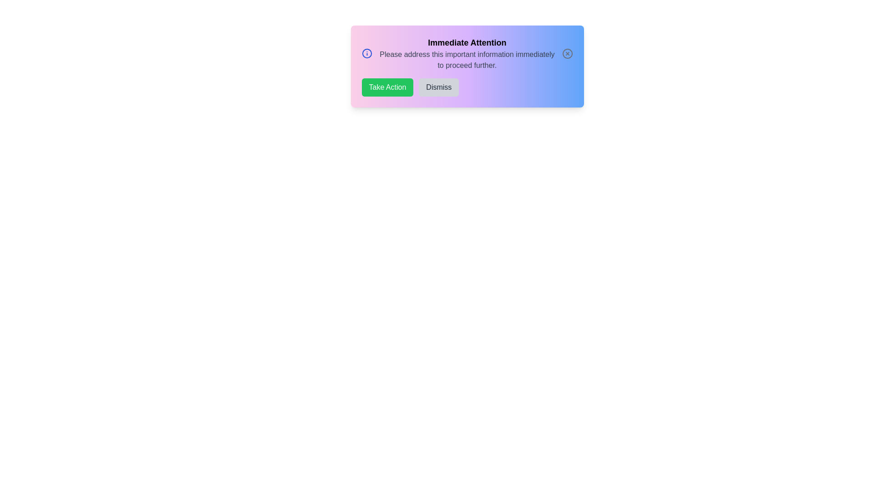 The image size is (874, 492). What do you see at coordinates (387, 87) in the screenshot?
I see `the button labeled Take Action to view its hover effect` at bounding box center [387, 87].